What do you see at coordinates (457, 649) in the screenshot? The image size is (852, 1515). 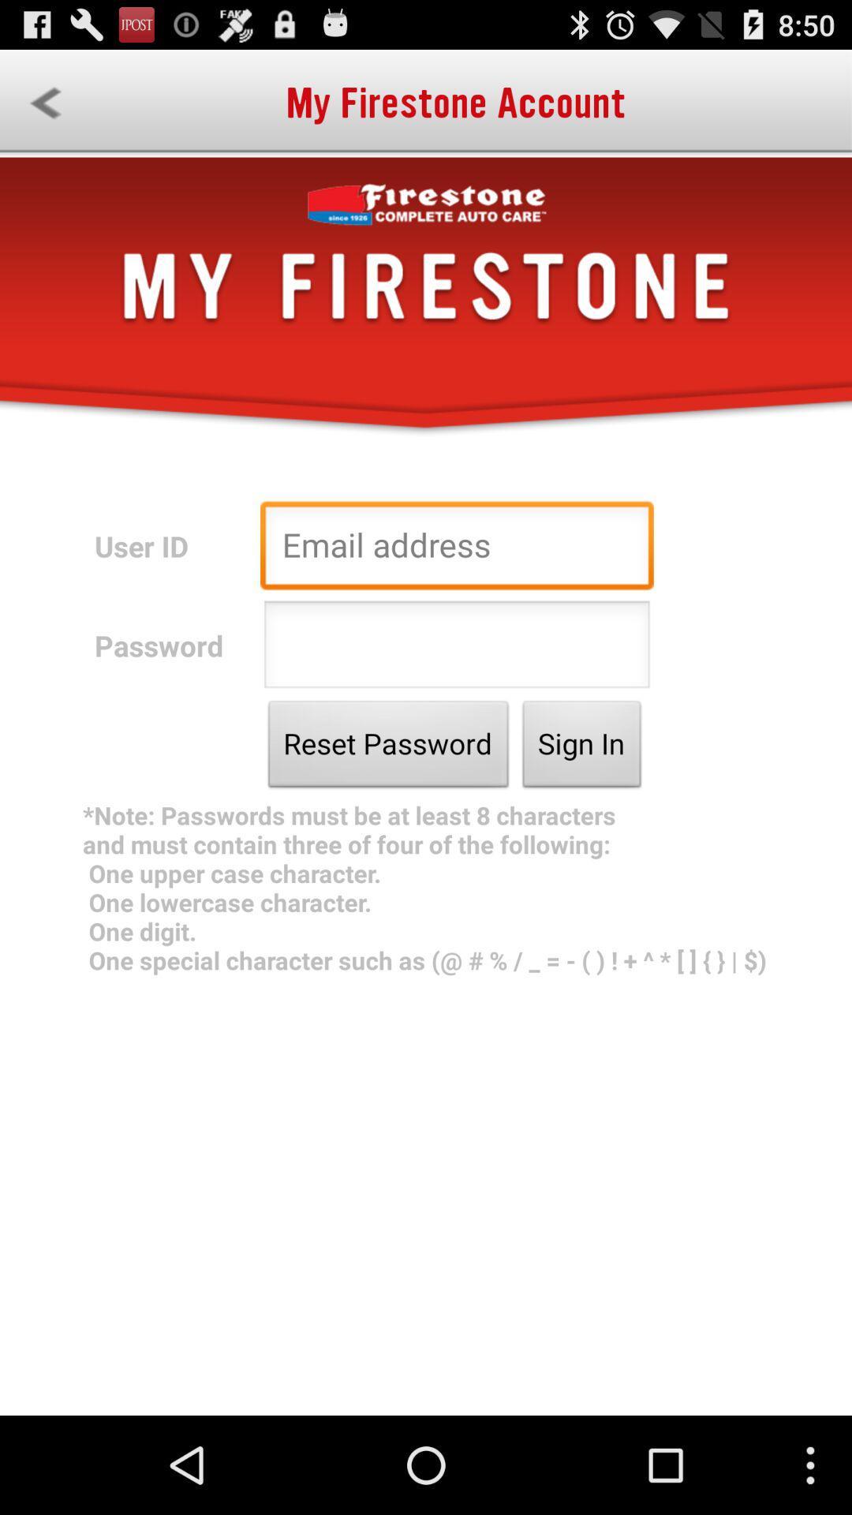 I see `the password box` at bounding box center [457, 649].